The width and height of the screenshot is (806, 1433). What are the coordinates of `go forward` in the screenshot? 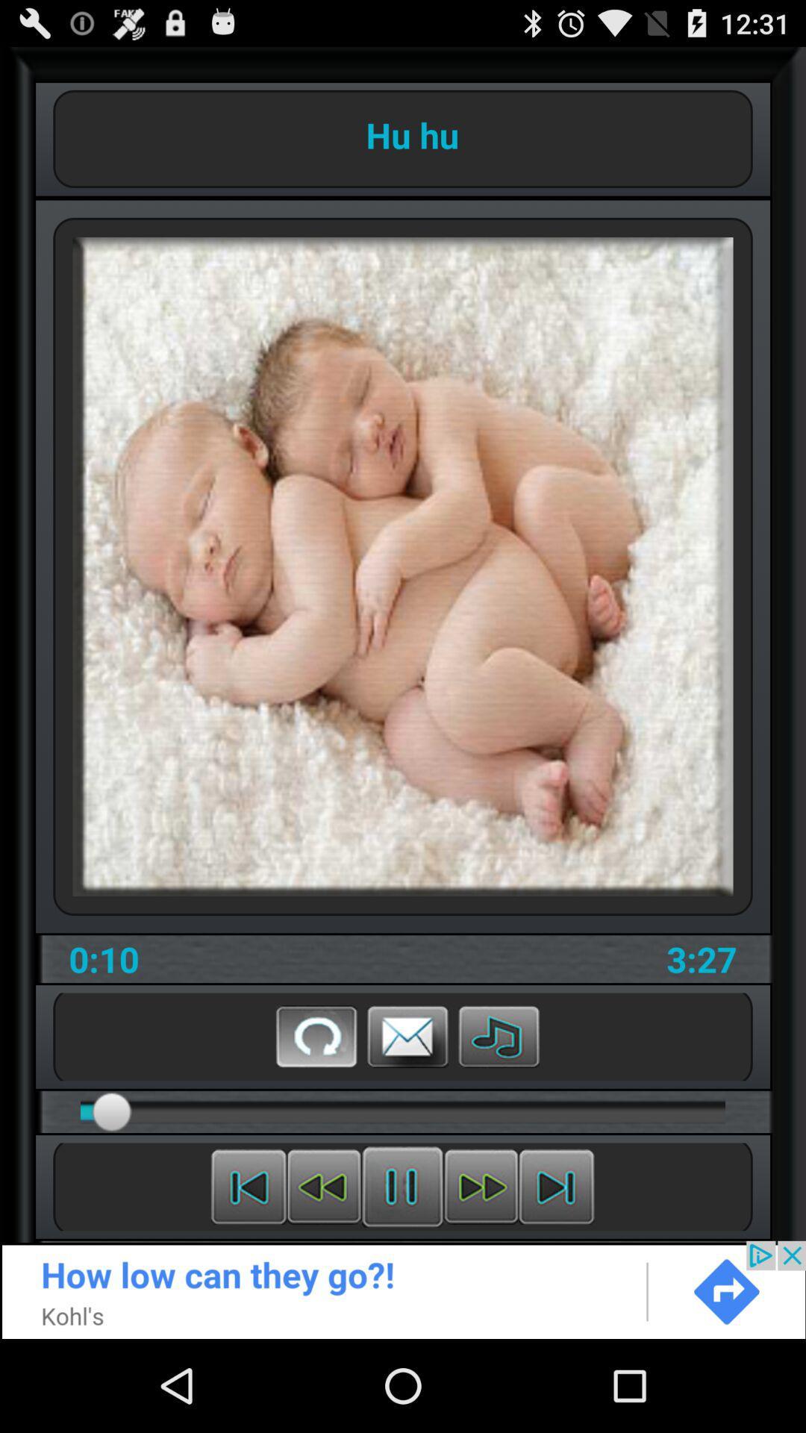 It's located at (556, 1186).